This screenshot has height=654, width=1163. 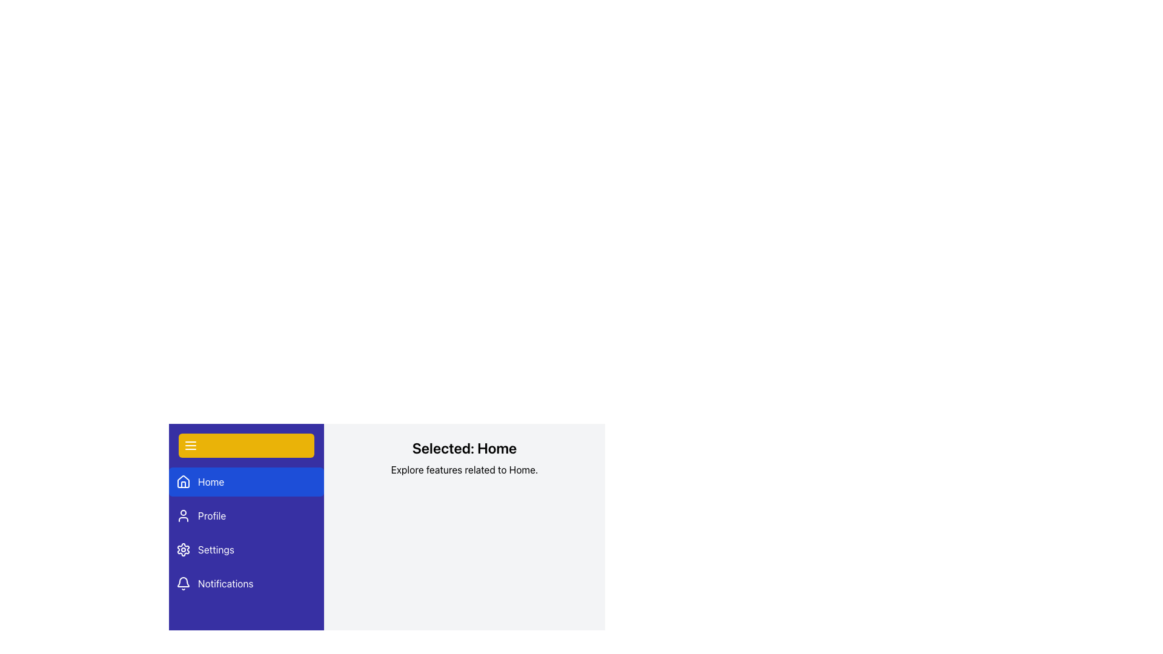 I want to click on the 'Home' text label in the navigation menu, which is styled with a white font on a blue background and indicates its selection, so click(x=211, y=481).